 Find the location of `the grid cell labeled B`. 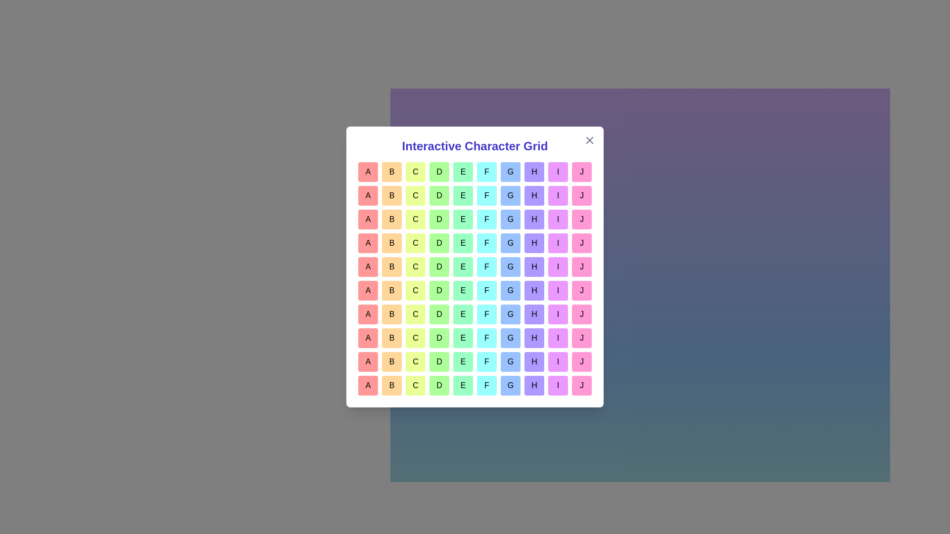

the grid cell labeled B is located at coordinates (391, 171).